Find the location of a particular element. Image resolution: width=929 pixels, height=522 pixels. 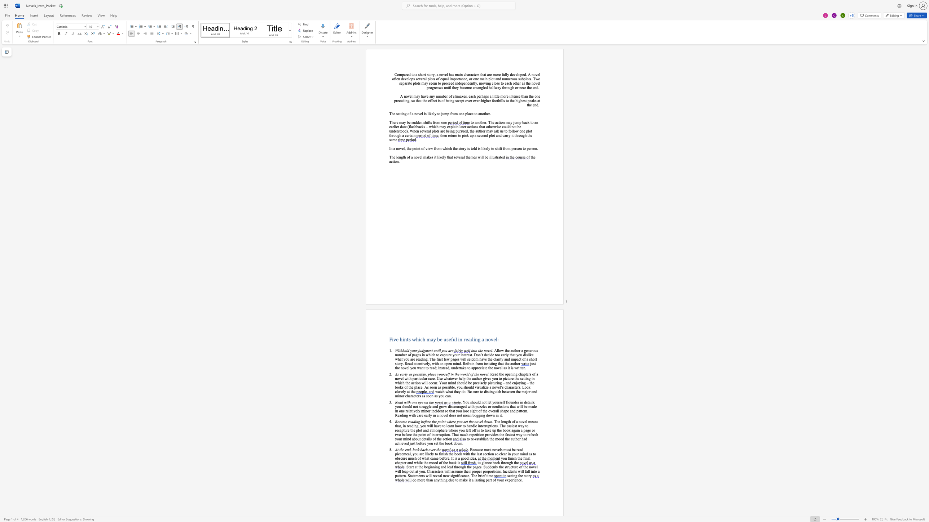

the 1th character "T" in the text is located at coordinates (430, 359).